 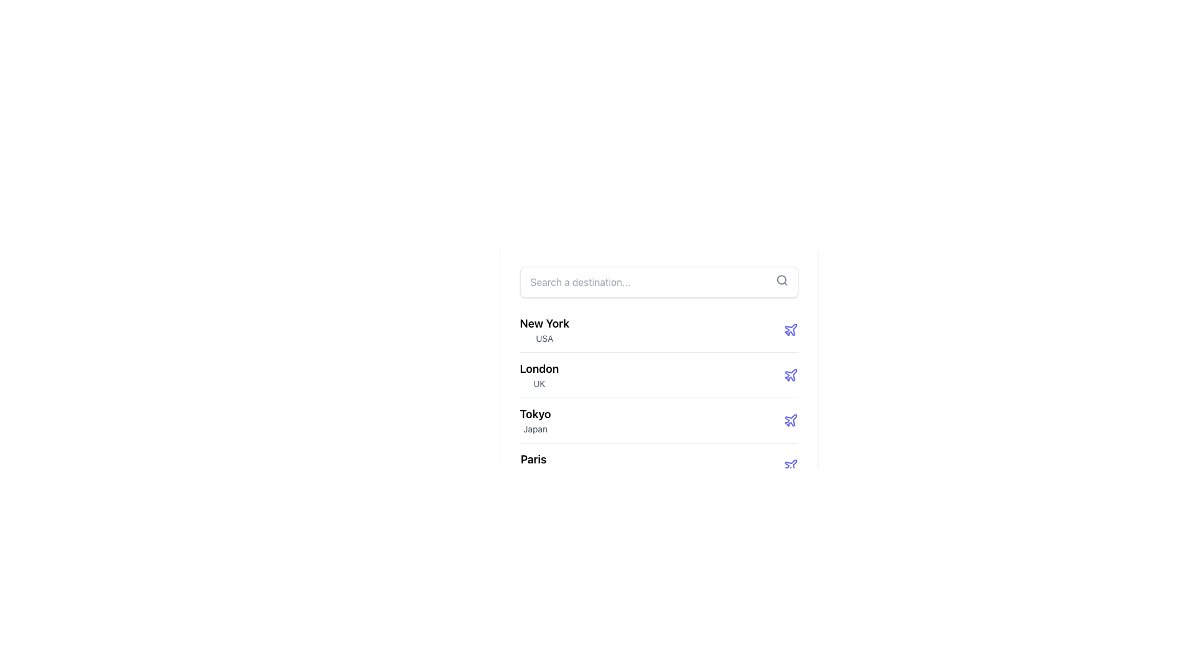 I want to click on the small purple airplane icon located to the right of the text 'Paris' and 'France', so click(x=790, y=466).